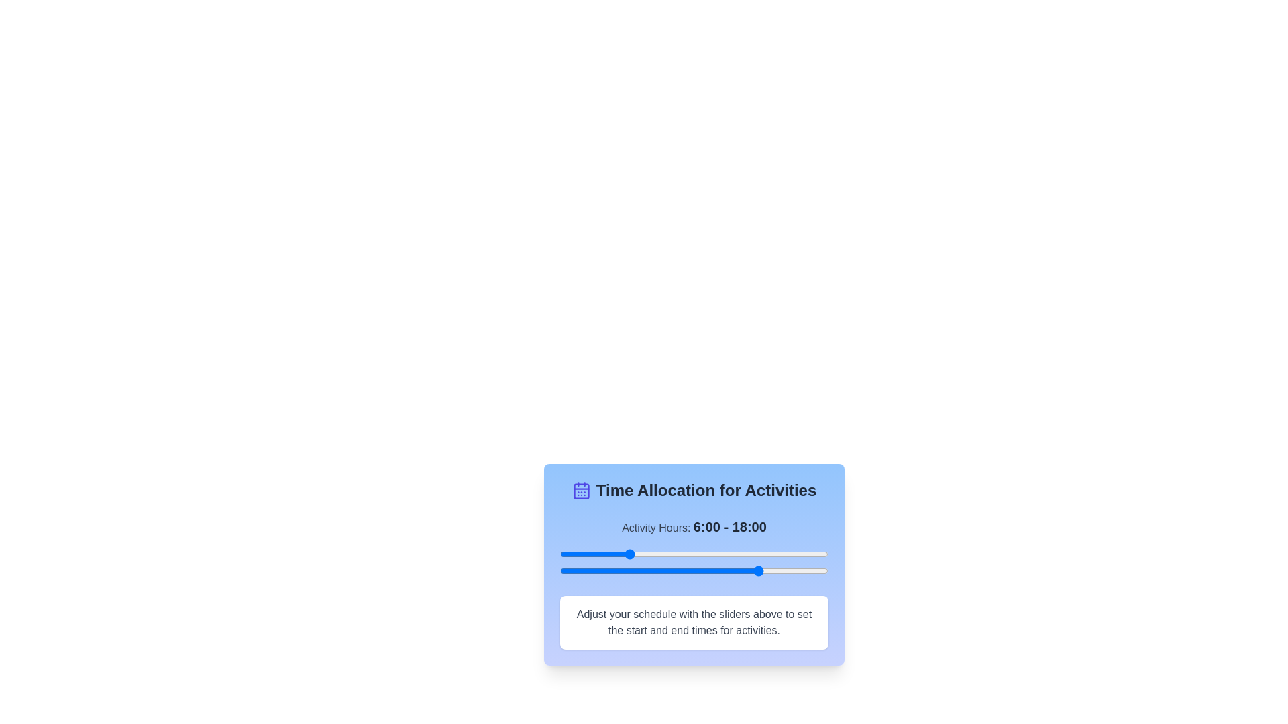  What do you see at coordinates (592, 554) in the screenshot?
I see `the start time to 3 hours using the left slider` at bounding box center [592, 554].